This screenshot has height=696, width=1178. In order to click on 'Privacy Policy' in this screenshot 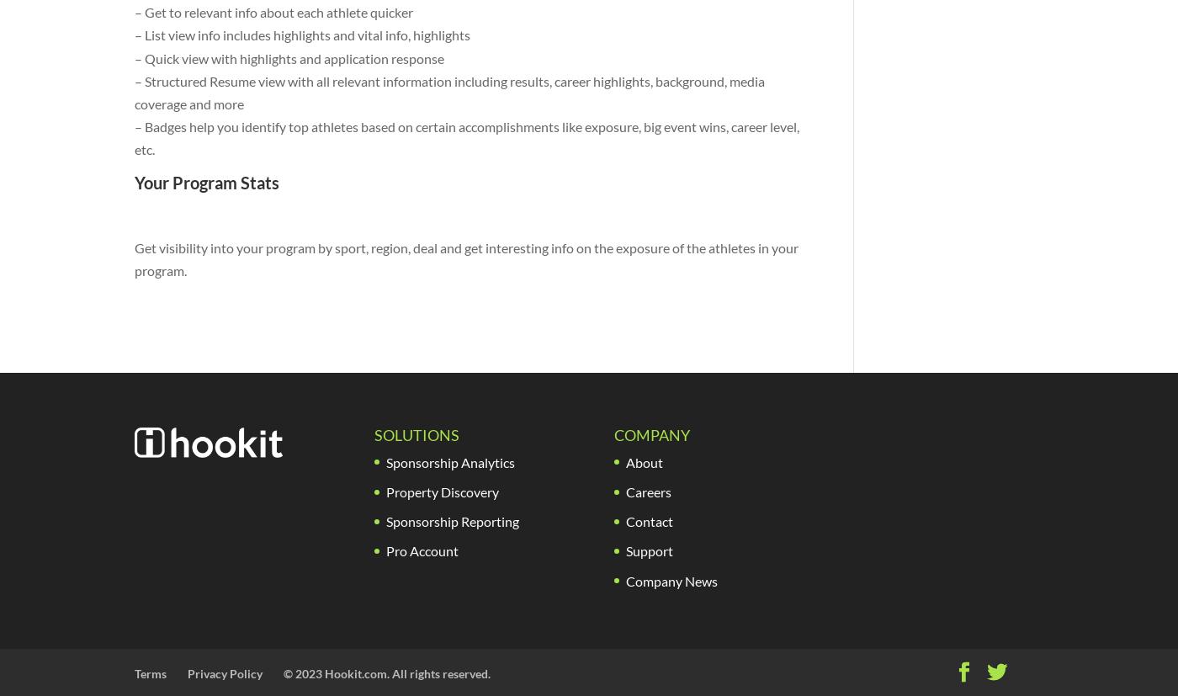, I will do `click(225, 672)`.